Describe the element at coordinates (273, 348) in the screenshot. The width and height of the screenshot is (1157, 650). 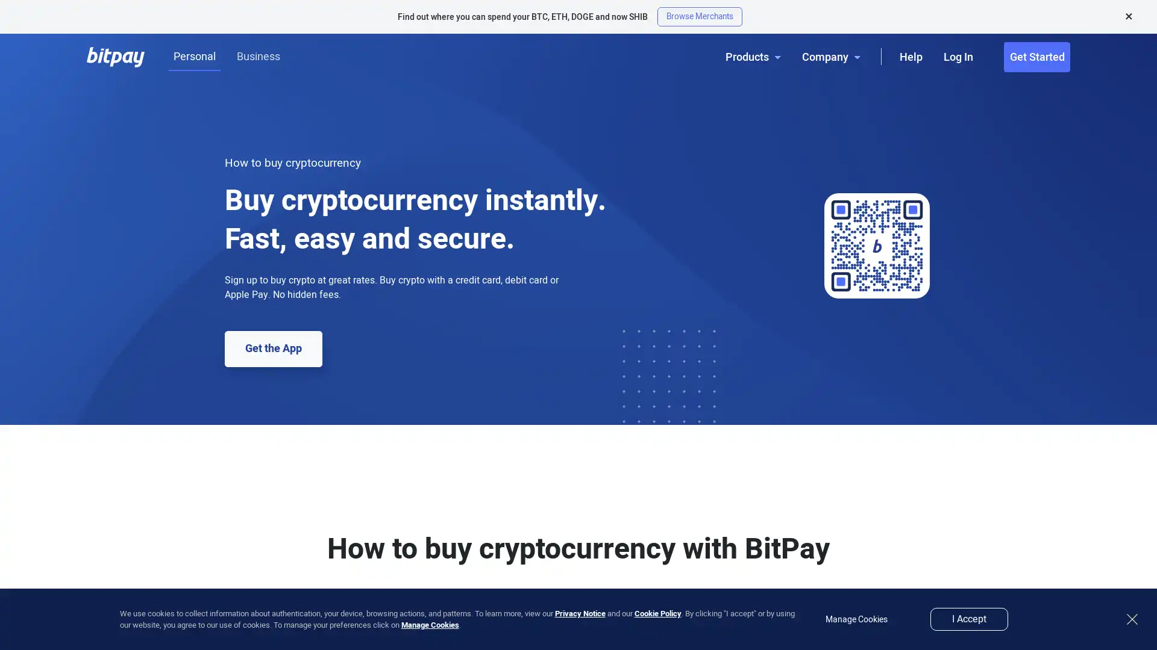
I see `Get the App` at that location.